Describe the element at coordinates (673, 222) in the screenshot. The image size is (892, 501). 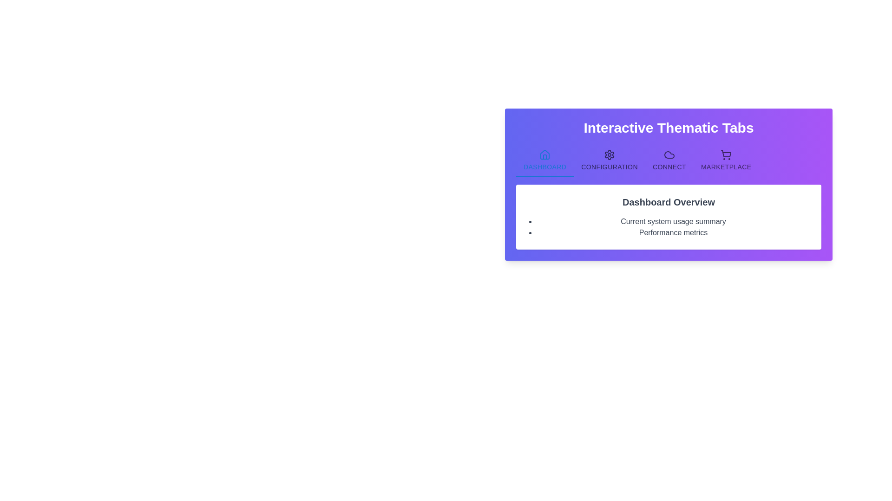
I see `the Text label that serves as a summary title for the current system usage section, located in the dashboard interface, positioned slightly above the 'Performance metrics' text` at that location.